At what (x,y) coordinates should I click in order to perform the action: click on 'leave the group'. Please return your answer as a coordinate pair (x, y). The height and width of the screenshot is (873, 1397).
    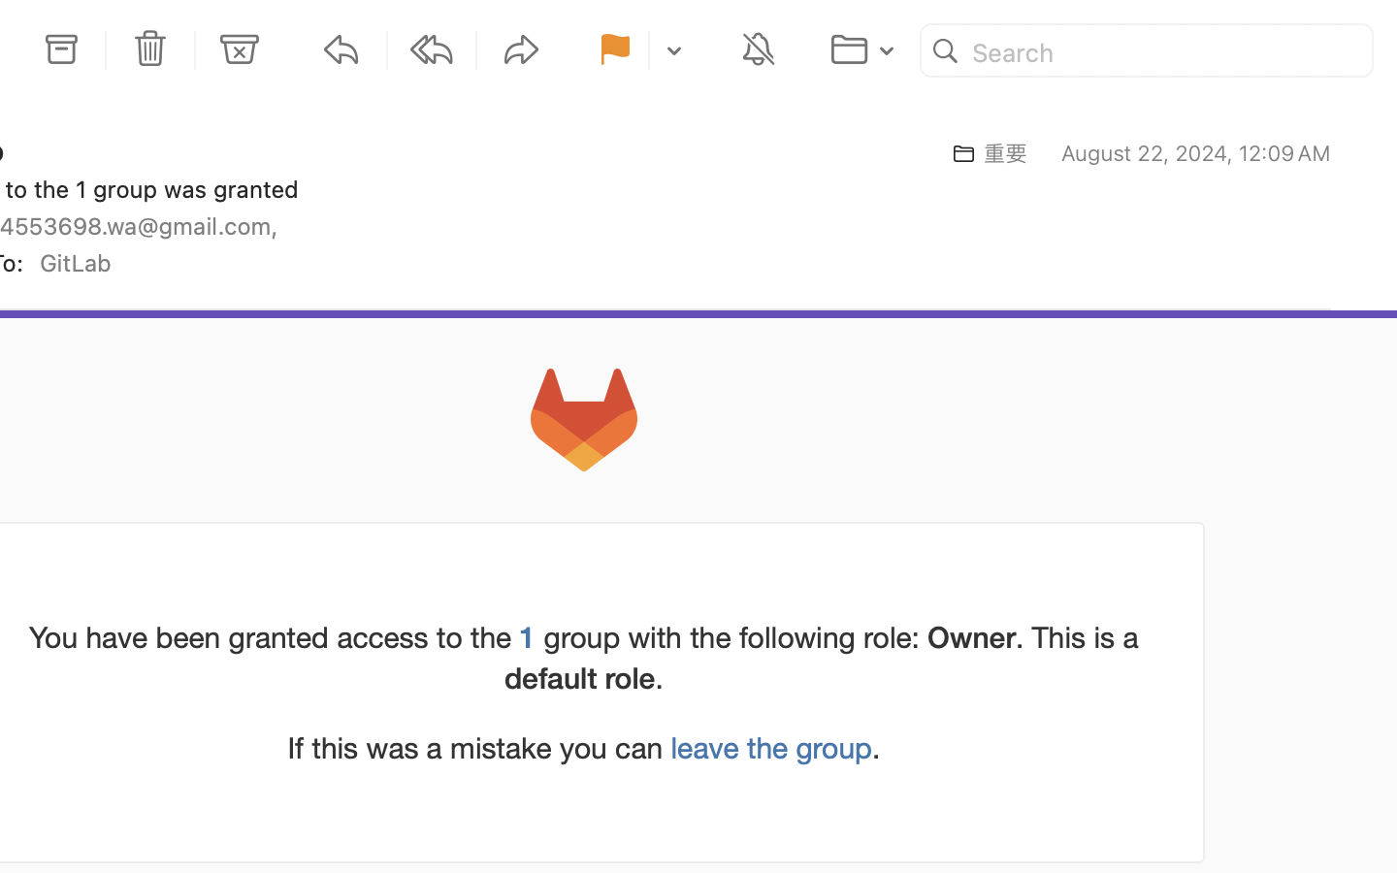
    Looking at the image, I should click on (771, 747).